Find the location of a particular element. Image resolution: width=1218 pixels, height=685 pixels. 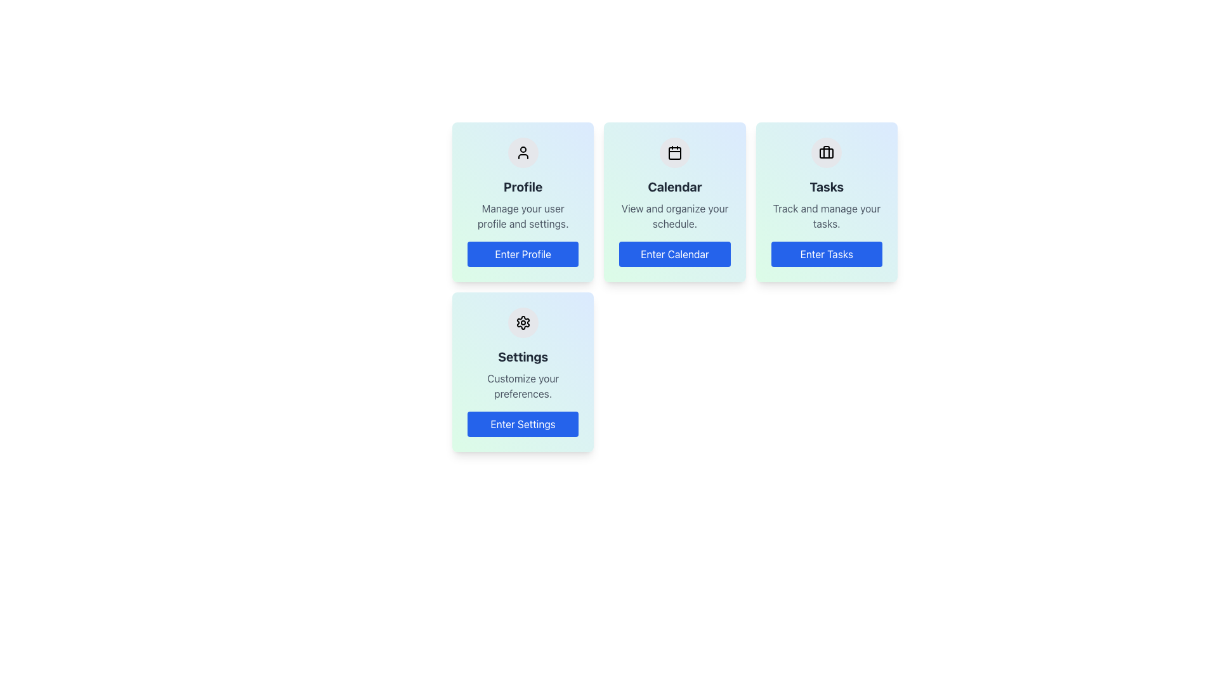

description text located in the middle section of the 'Profile' card, positioned between the title at the top and the 'Enter Profile' button at the bottom is located at coordinates (523, 215).